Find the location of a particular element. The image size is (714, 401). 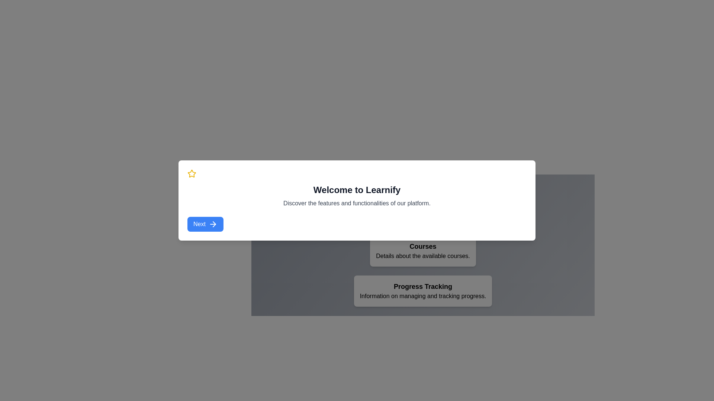

the heading label for the progress tracking section, which is located at the top of a rectangular card in the bottom section of the visible content area is located at coordinates (423, 286).